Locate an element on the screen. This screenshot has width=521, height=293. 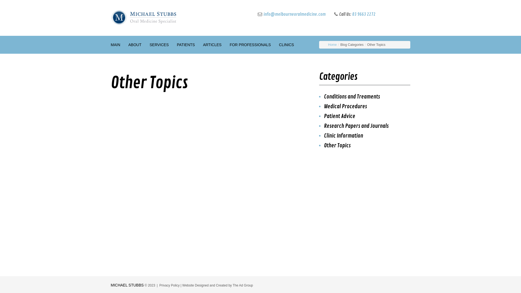
'PATIENTS' is located at coordinates (186, 44).